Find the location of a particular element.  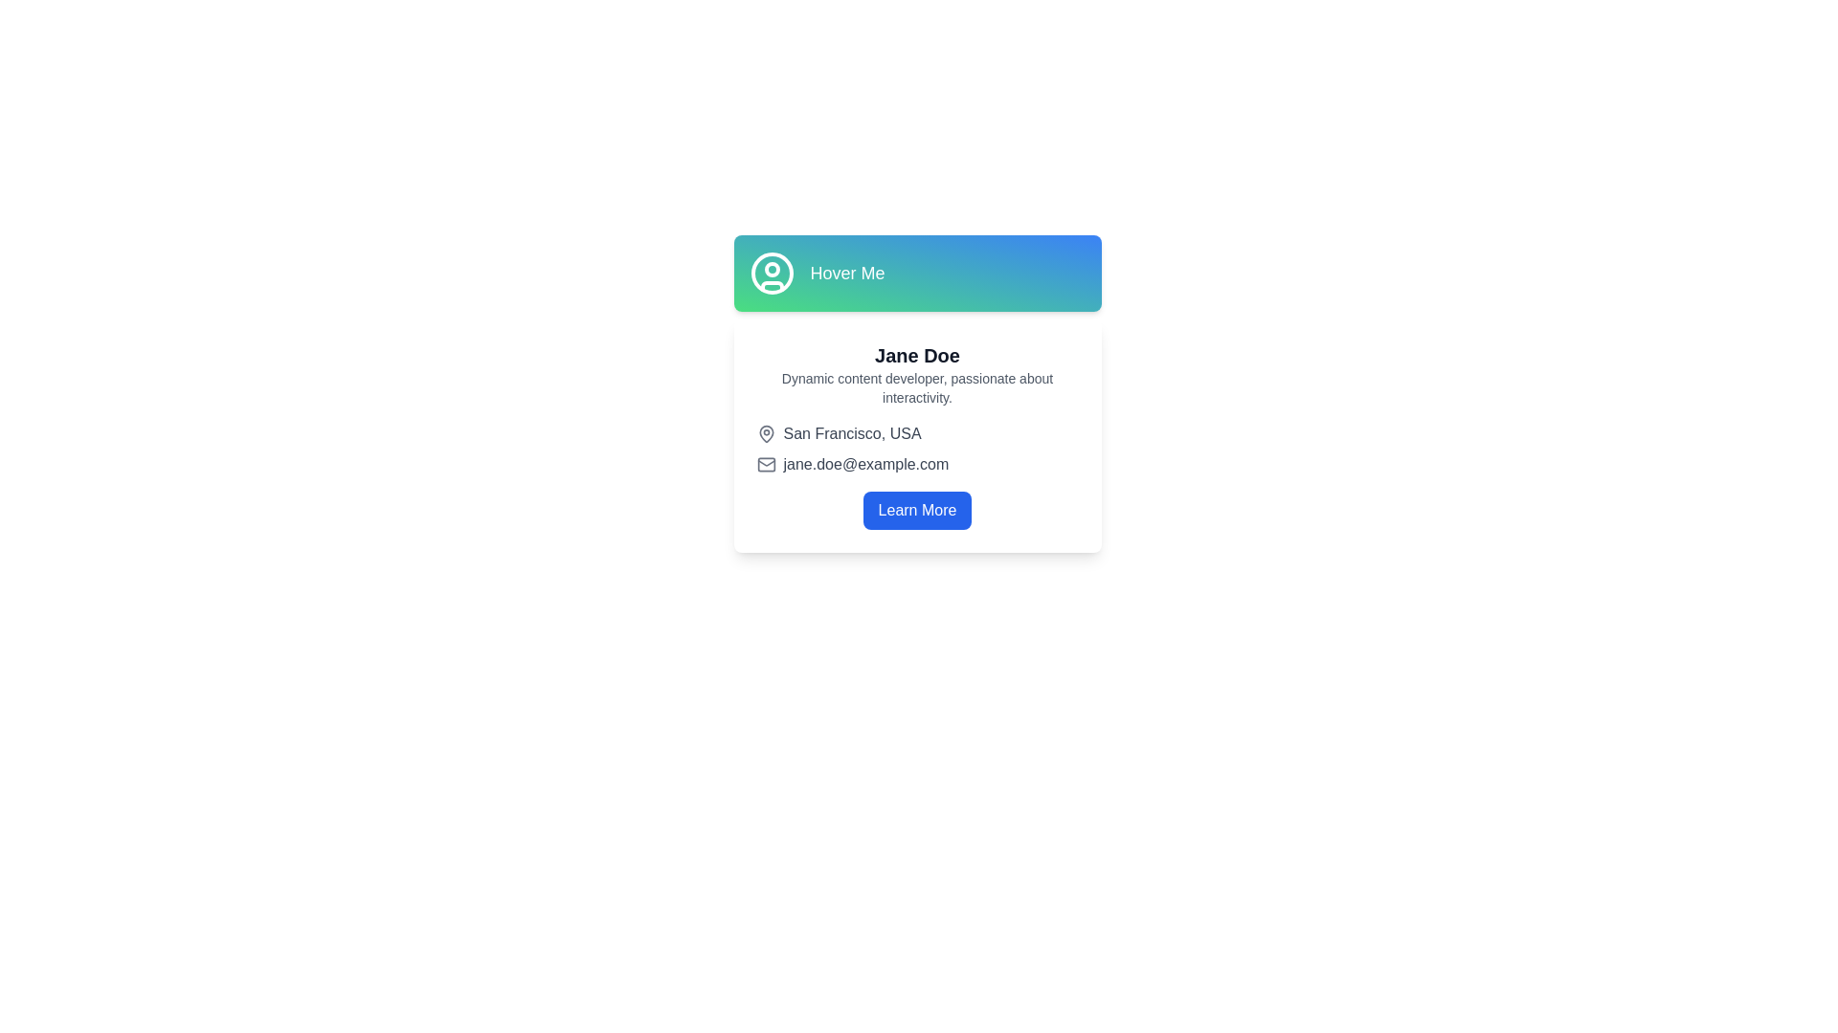

the textual description styled with small, gray-colored text that says 'Dynamic content developer, passionate about interactivity.', located underneath the 'Jane Doe' heading is located at coordinates (916, 387).